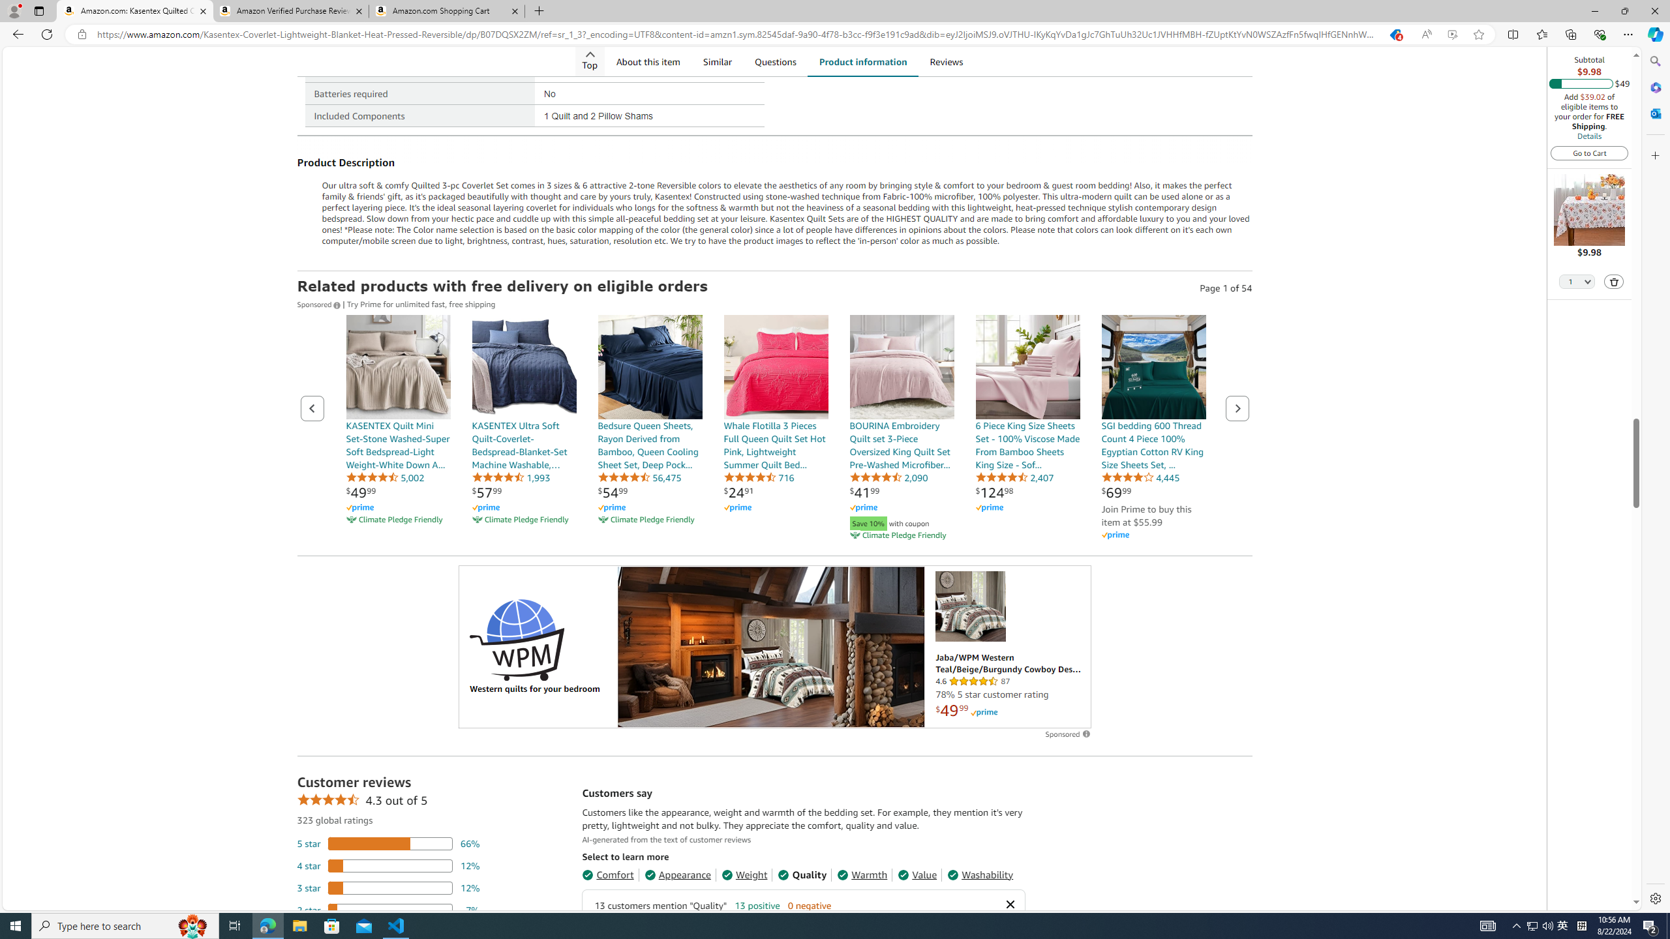 This screenshot has width=1670, height=939. Describe the element at coordinates (388, 909) in the screenshot. I see `'7 percent of reviews have 2 stars'` at that location.